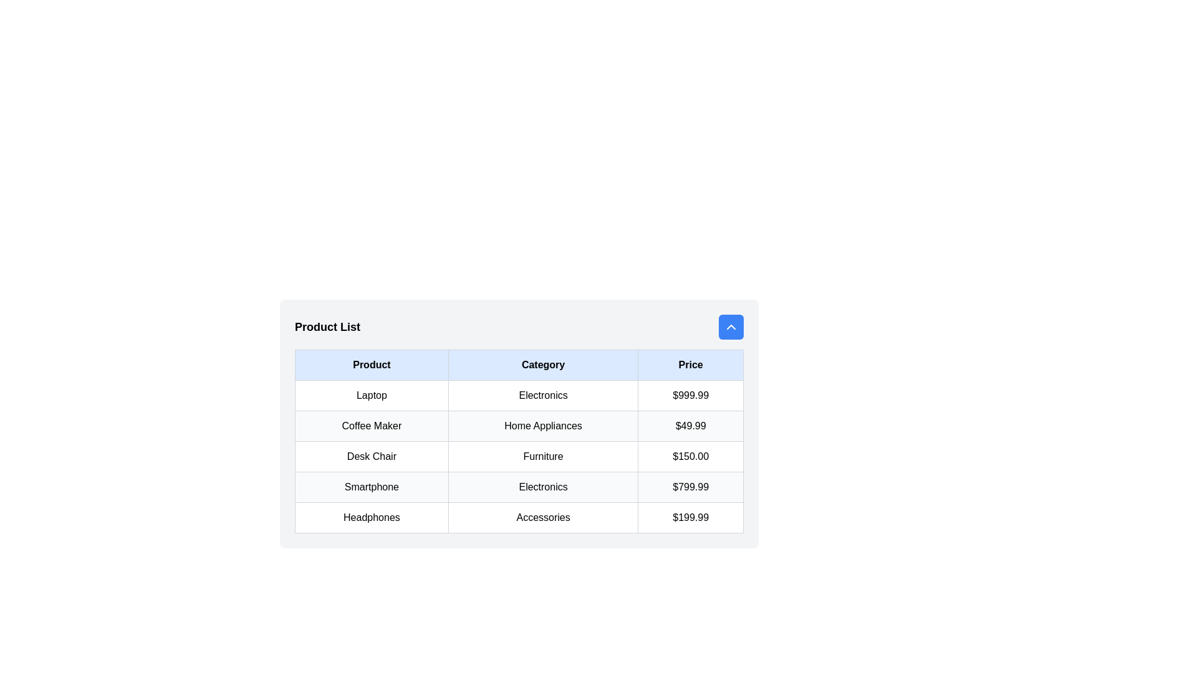 The image size is (1197, 673). I want to click on the bold text label reading 'Product List' located at the top-left of the product listing section, so click(327, 326).